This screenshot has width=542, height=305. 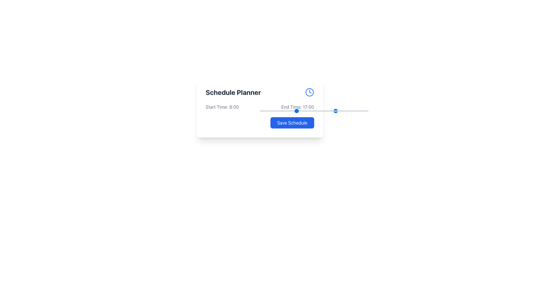 What do you see at coordinates (314, 111) in the screenshot?
I see `the rounded bar handle of the horizontal range slider located in the lower right corner of the interface, beneath the 'End Time: 17:00' text` at bounding box center [314, 111].